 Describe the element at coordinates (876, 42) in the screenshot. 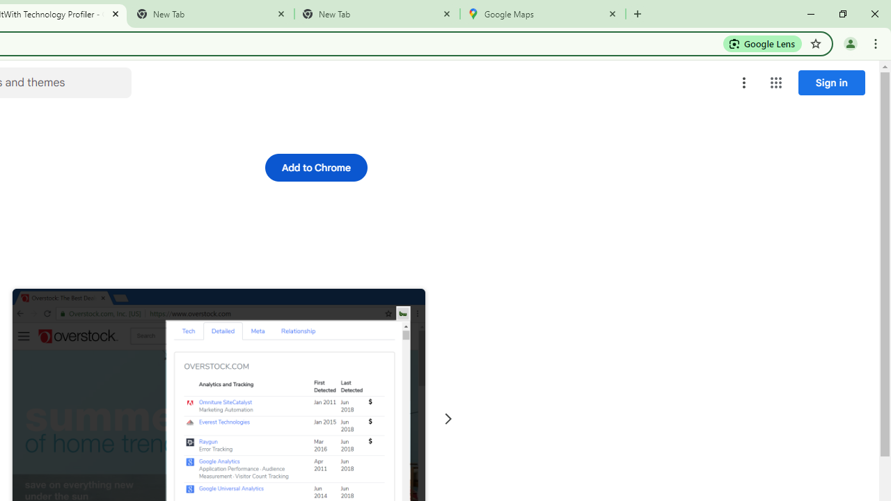

I see `'Chrome'` at that location.